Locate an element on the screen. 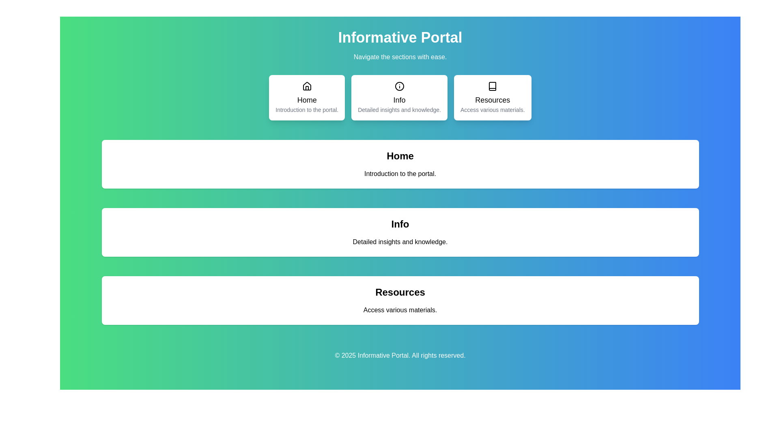  the text label displaying 'Access various materials.' which is located below the header 'Resources' in the center-bottom section of the page is located at coordinates (400, 310).